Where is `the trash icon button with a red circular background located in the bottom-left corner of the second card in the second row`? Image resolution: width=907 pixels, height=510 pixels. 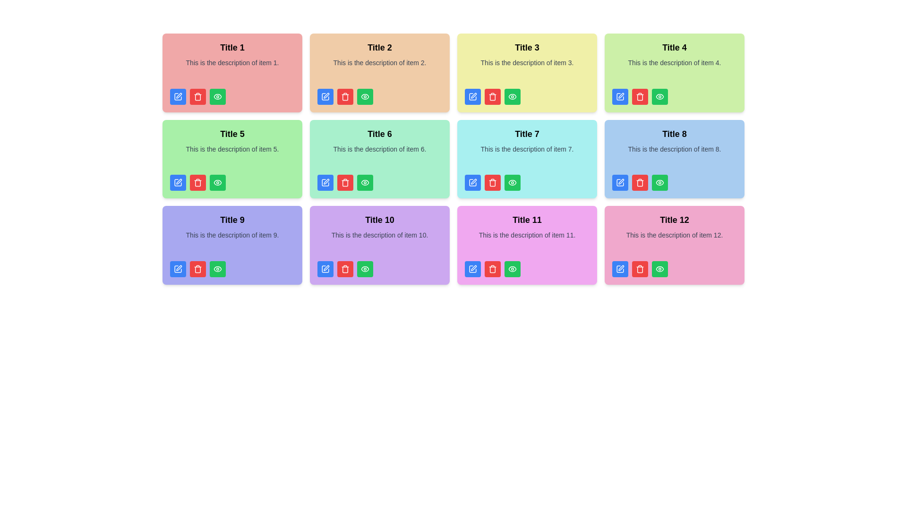 the trash icon button with a red circular background located in the bottom-left corner of the second card in the second row is located at coordinates (492, 182).